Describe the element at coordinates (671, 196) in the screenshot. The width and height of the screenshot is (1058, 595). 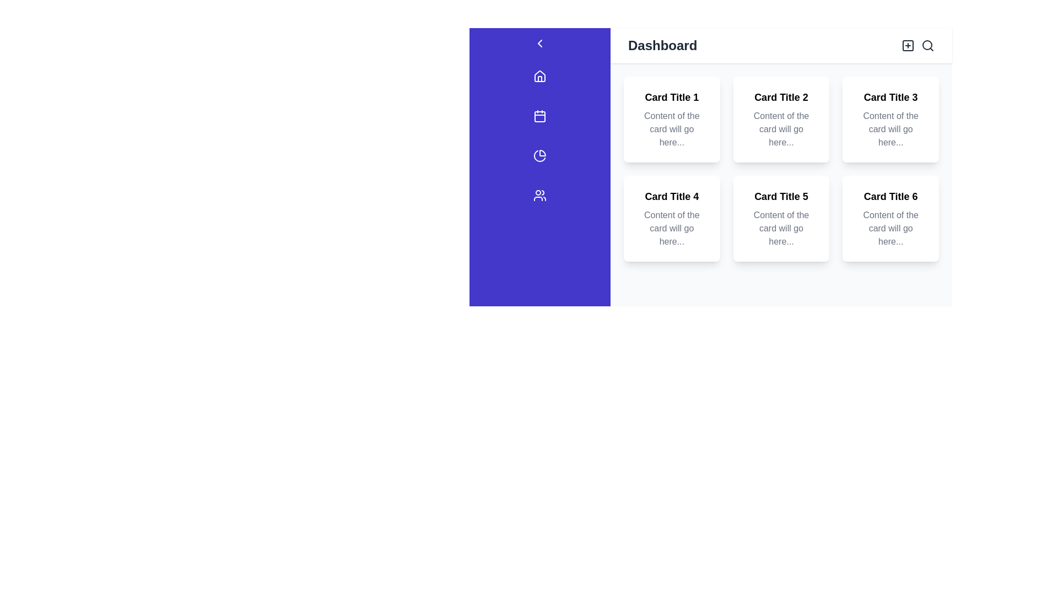
I see `the text label displaying 'Card Title 4', which is prominently featured in bold and large font at the top of the fourth card in a grid layout` at that location.